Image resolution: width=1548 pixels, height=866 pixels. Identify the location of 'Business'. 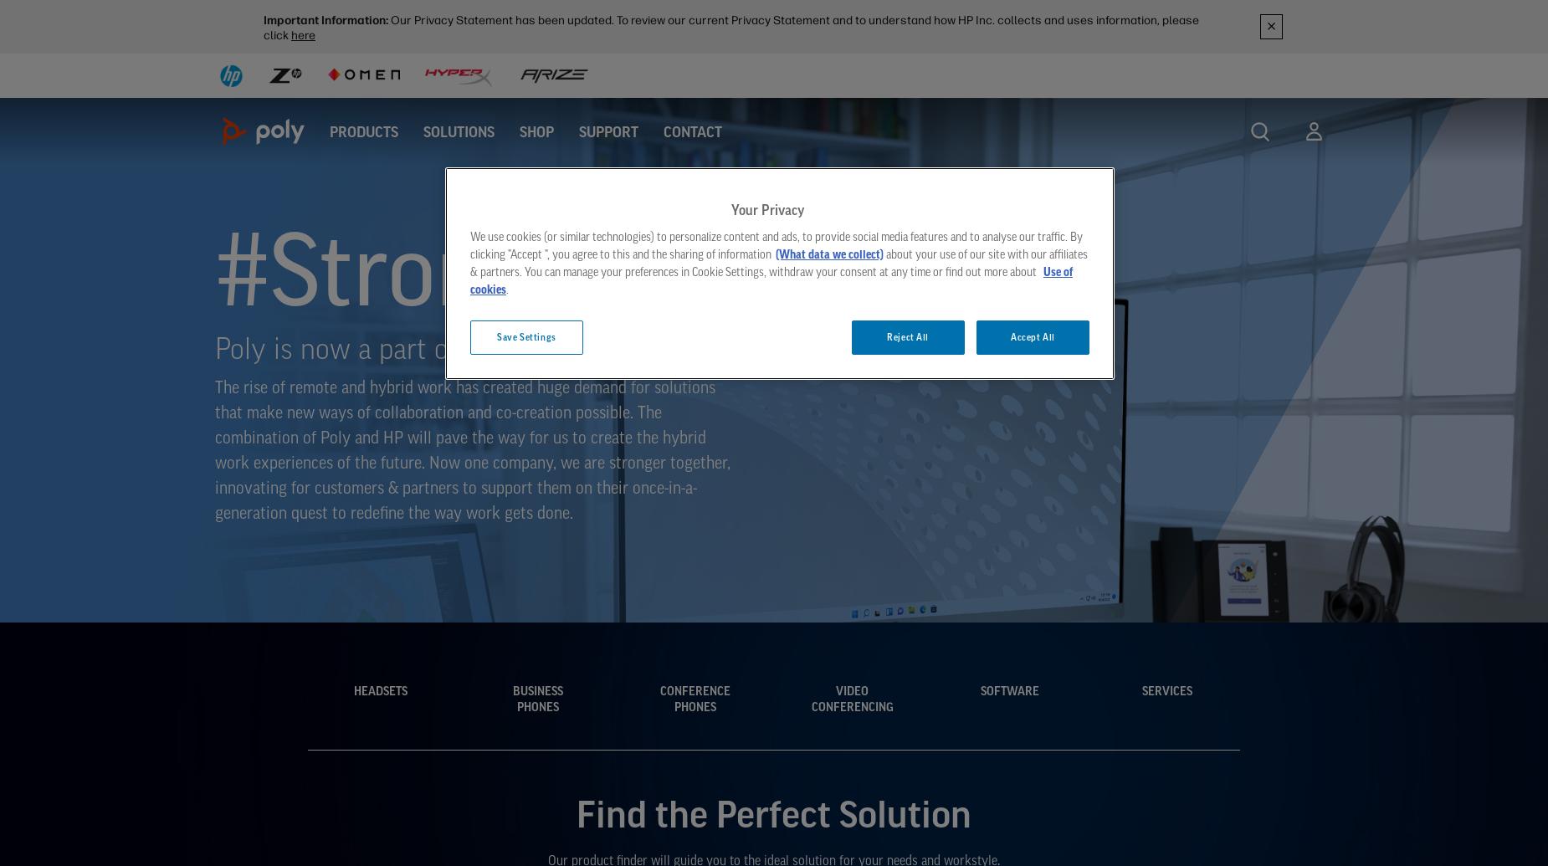
(536, 689).